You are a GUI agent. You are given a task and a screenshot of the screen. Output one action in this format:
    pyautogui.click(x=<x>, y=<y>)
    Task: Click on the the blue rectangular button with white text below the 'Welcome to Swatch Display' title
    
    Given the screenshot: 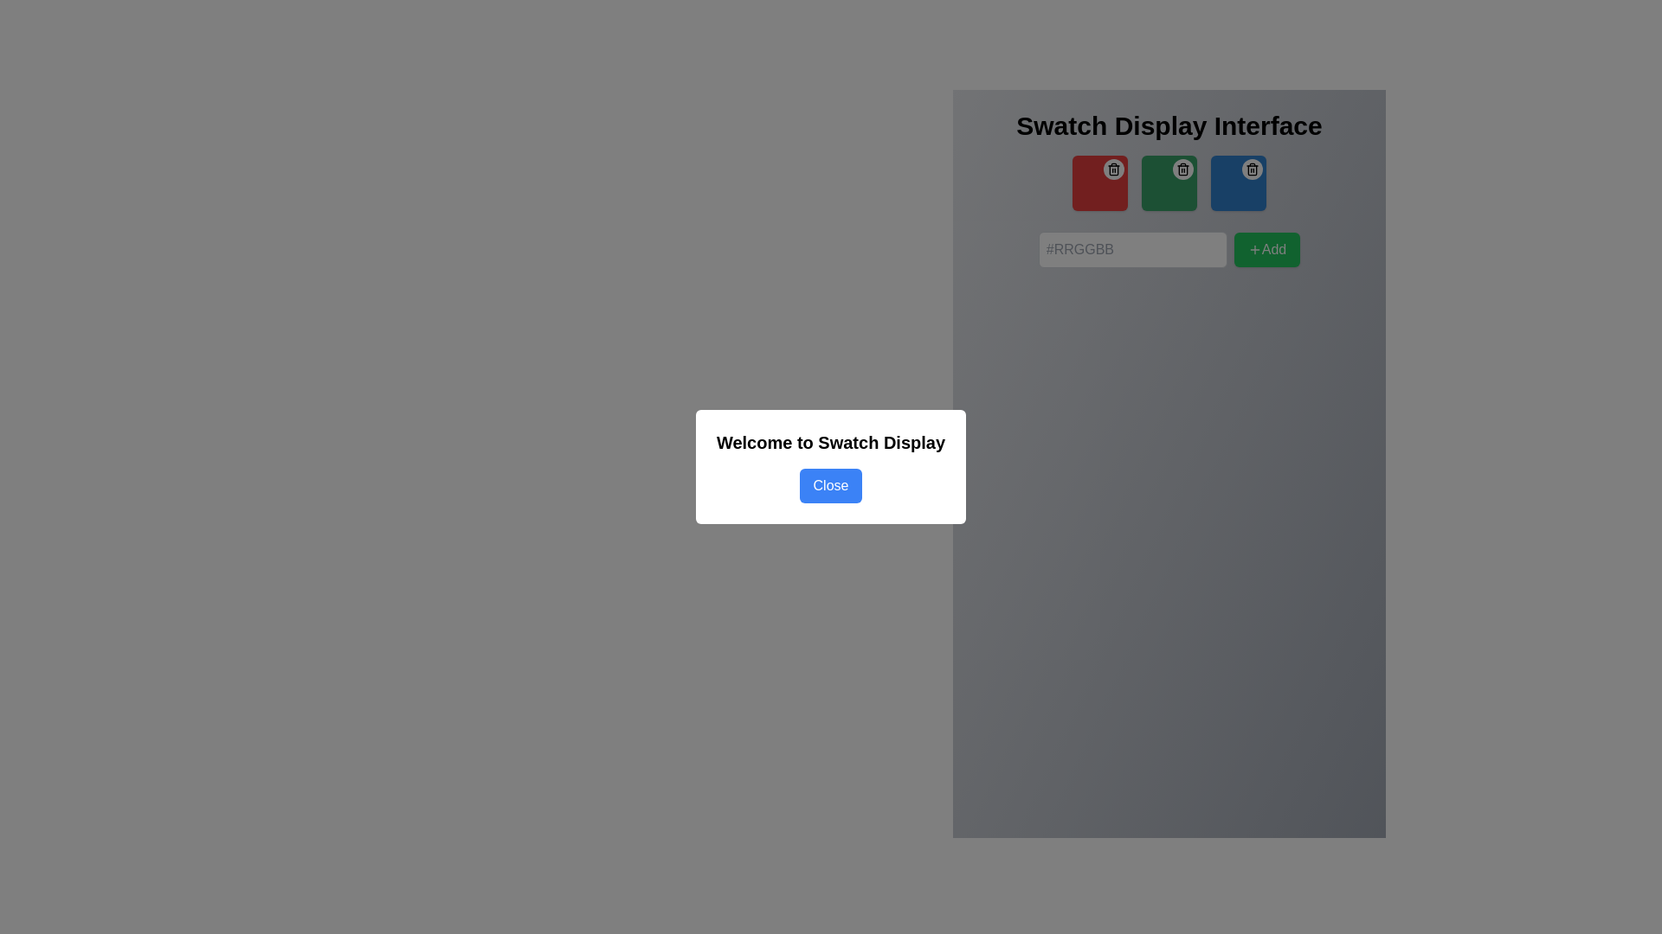 What is the action you would take?
    pyautogui.click(x=831, y=486)
    